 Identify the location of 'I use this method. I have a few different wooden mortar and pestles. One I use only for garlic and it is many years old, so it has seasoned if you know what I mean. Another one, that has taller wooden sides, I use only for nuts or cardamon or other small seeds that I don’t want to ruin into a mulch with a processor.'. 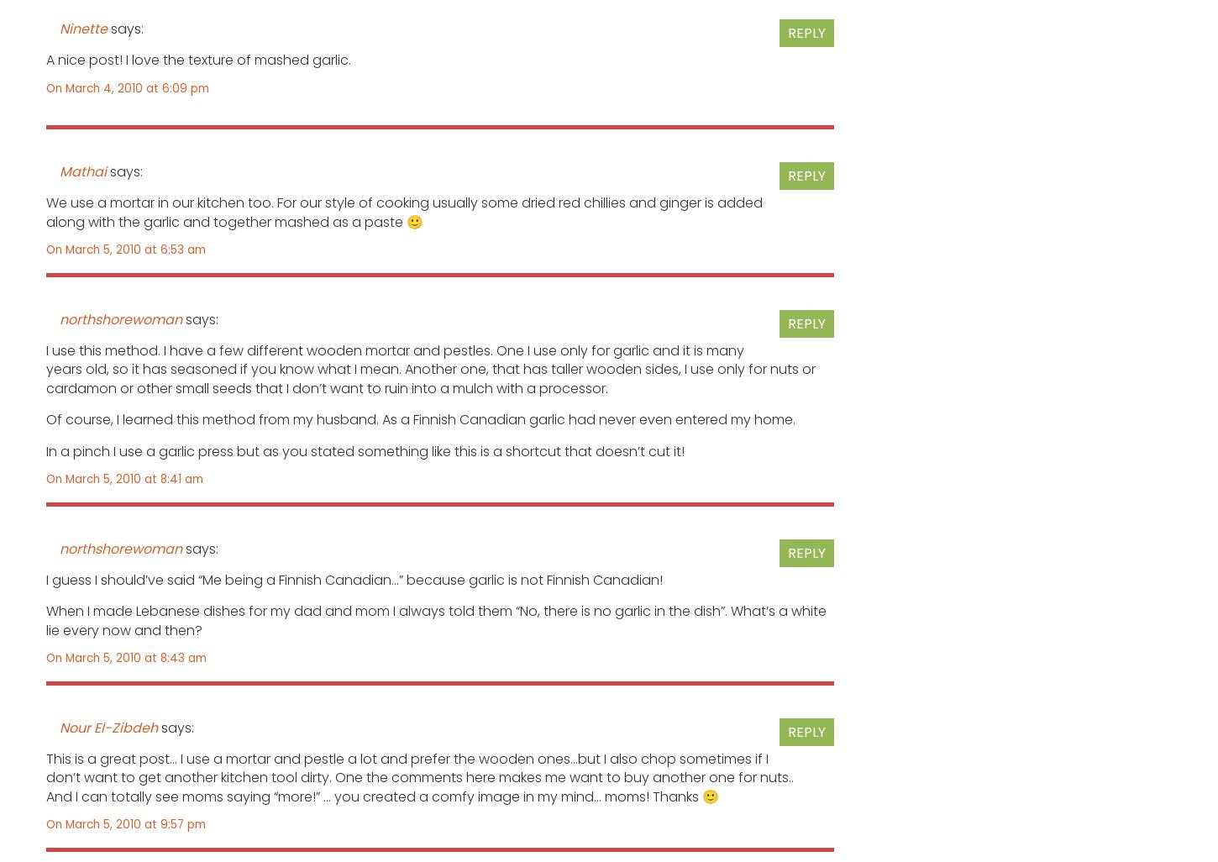
(431, 369).